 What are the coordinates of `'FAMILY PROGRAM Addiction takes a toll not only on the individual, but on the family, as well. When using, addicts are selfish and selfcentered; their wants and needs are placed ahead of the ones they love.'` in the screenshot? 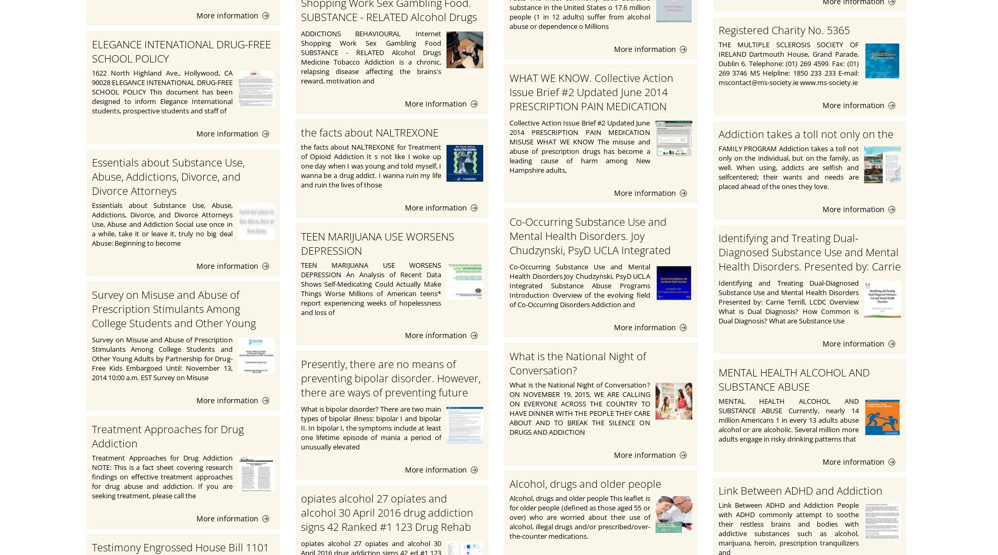 It's located at (788, 167).